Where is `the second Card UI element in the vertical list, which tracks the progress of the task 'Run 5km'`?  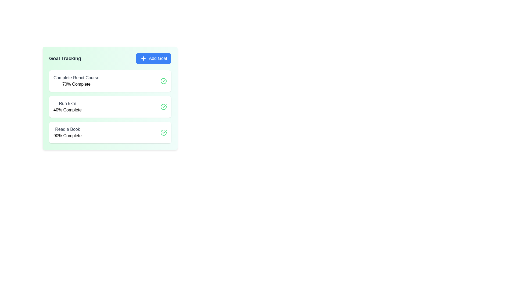
the second Card UI element in the vertical list, which tracks the progress of the task 'Run 5km' is located at coordinates (110, 107).